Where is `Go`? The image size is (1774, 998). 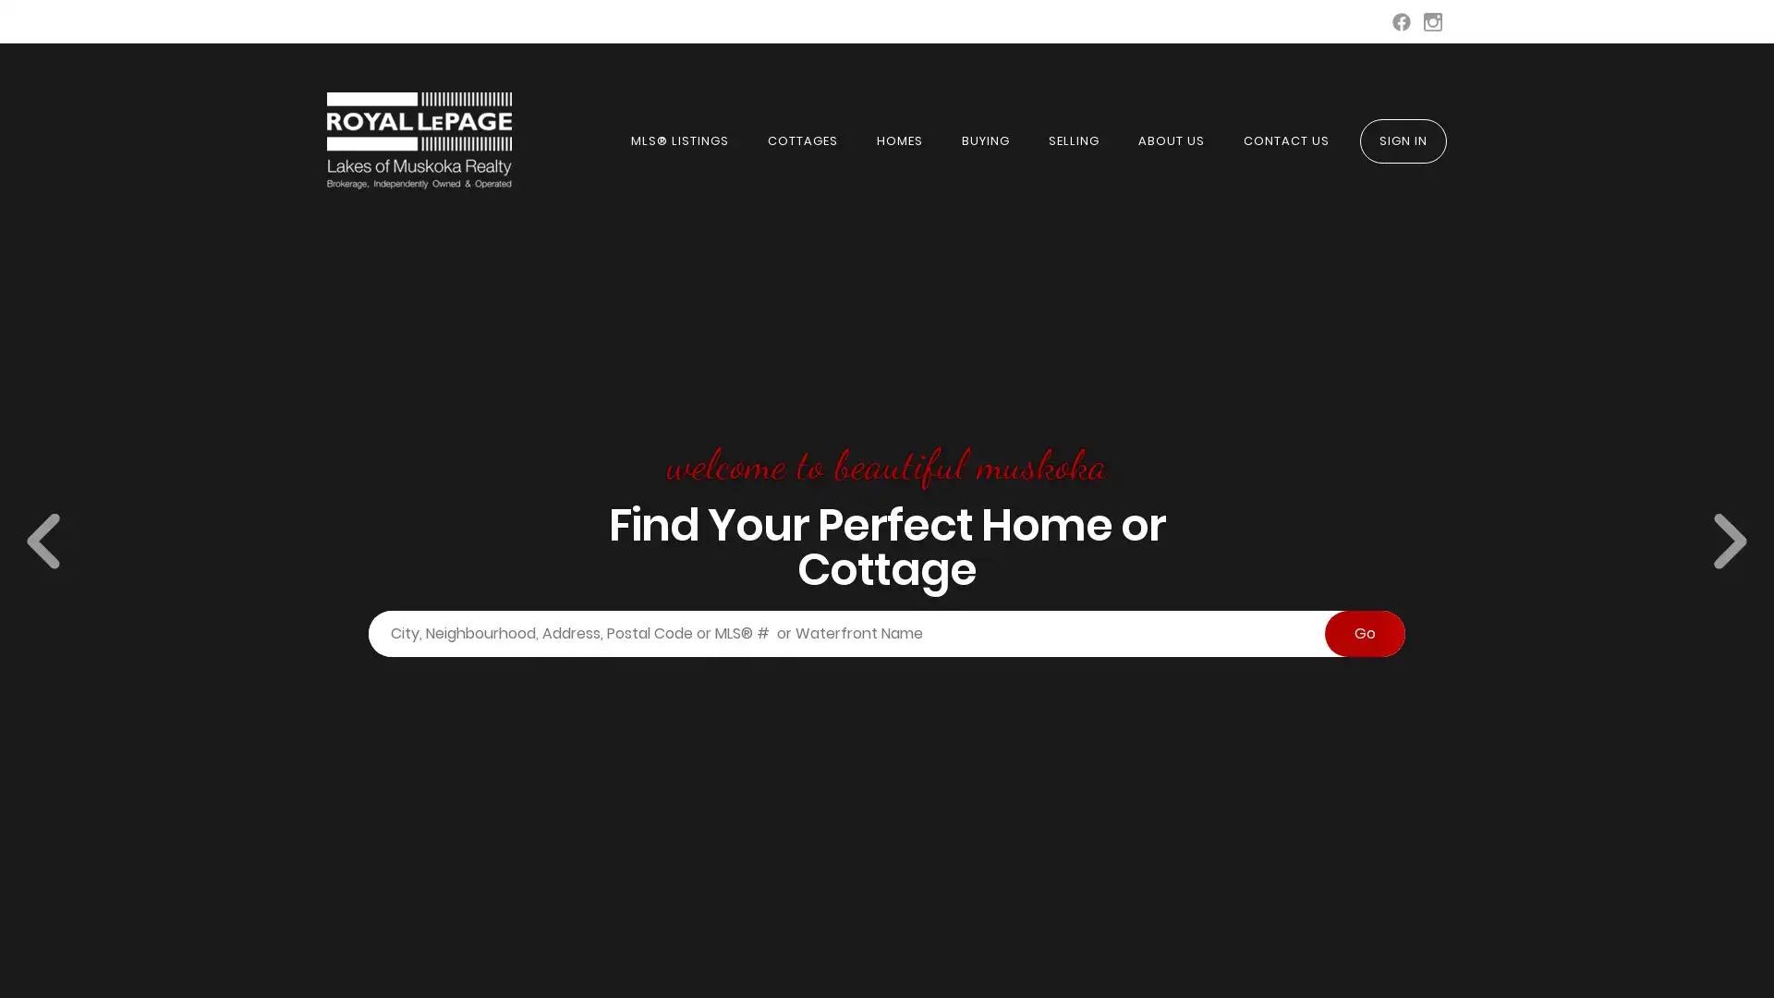 Go is located at coordinates (1365, 632).